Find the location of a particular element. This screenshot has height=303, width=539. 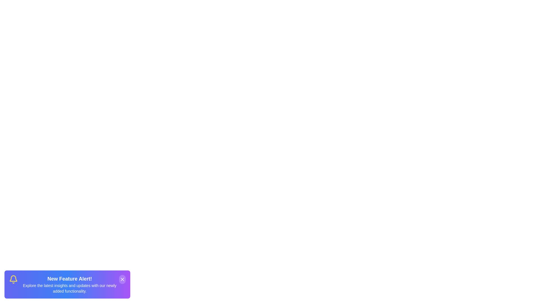

the close button to dismiss the notification is located at coordinates (122, 279).